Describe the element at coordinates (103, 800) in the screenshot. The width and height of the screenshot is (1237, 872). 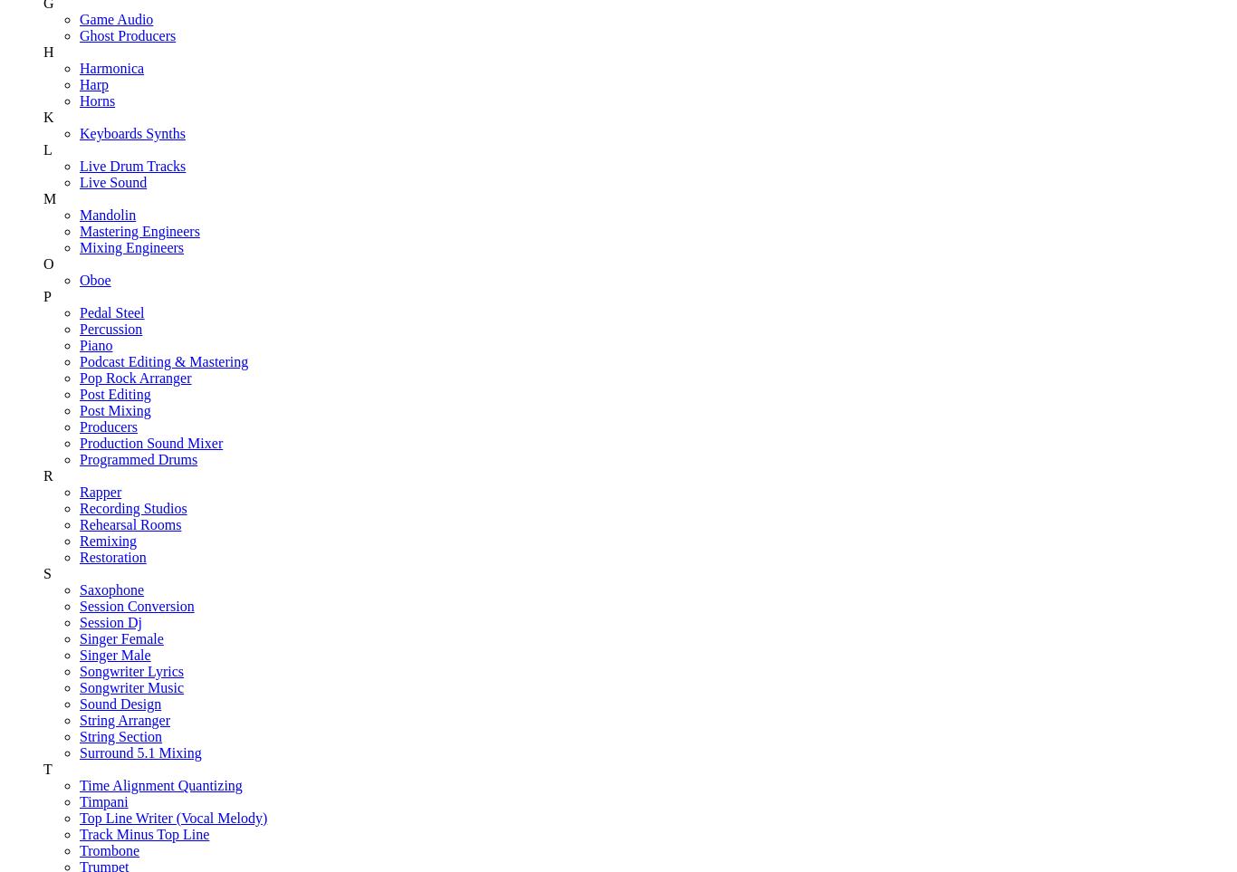
I see `'Timpani'` at that location.